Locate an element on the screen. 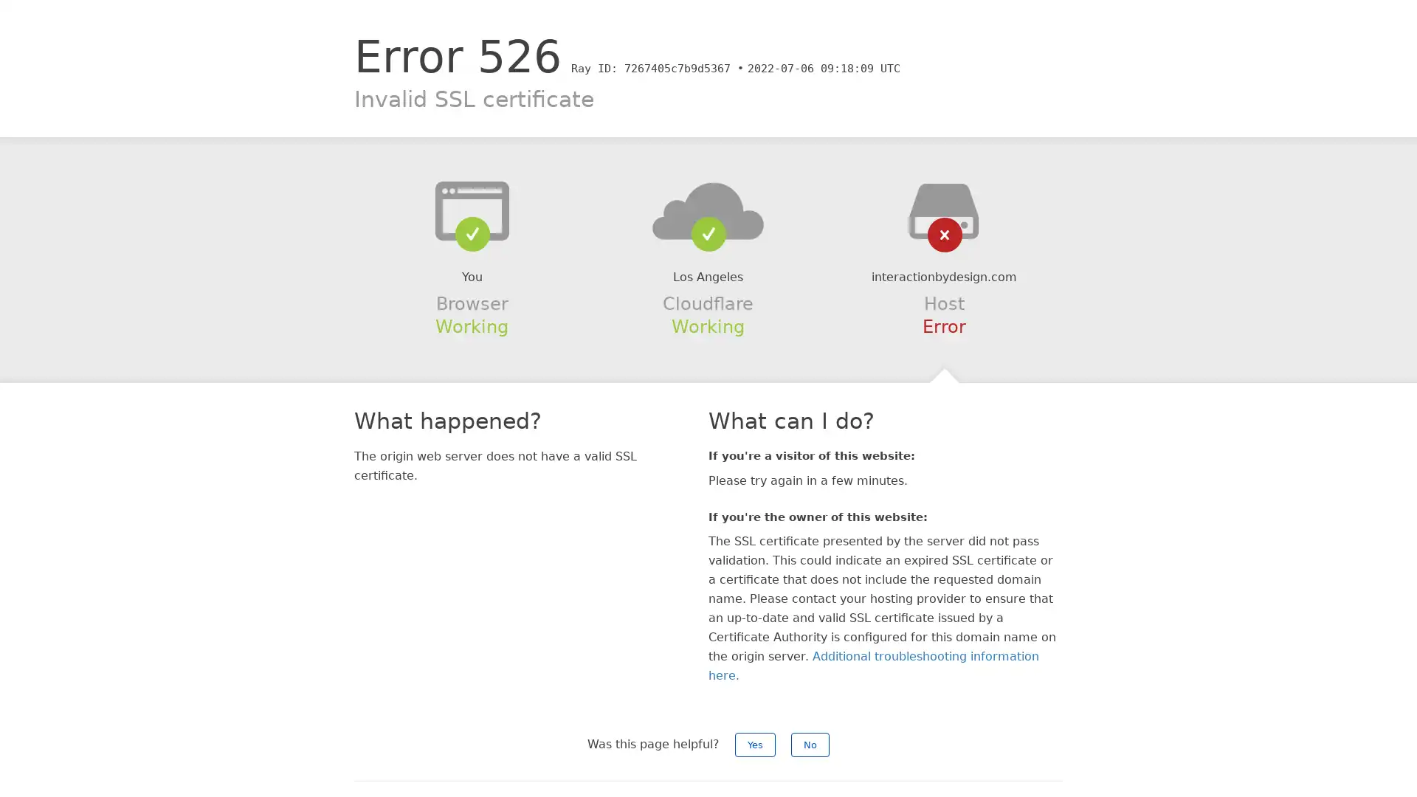  No is located at coordinates (810, 745).